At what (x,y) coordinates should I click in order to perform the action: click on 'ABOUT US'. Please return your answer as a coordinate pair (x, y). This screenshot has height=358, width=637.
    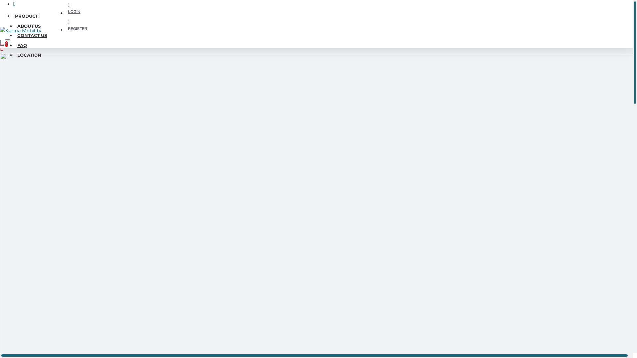
    Looking at the image, I should click on (29, 26).